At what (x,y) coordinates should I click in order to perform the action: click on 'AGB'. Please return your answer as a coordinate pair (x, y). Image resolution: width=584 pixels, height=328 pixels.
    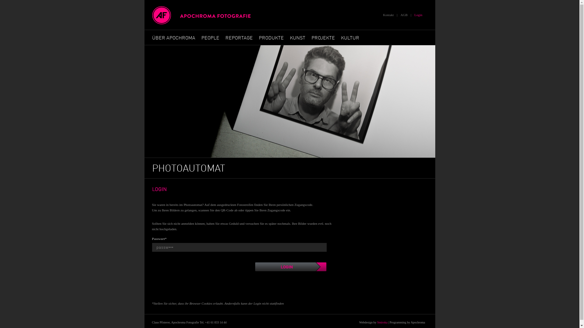
    Looking at the image, I should click on (404, 15).